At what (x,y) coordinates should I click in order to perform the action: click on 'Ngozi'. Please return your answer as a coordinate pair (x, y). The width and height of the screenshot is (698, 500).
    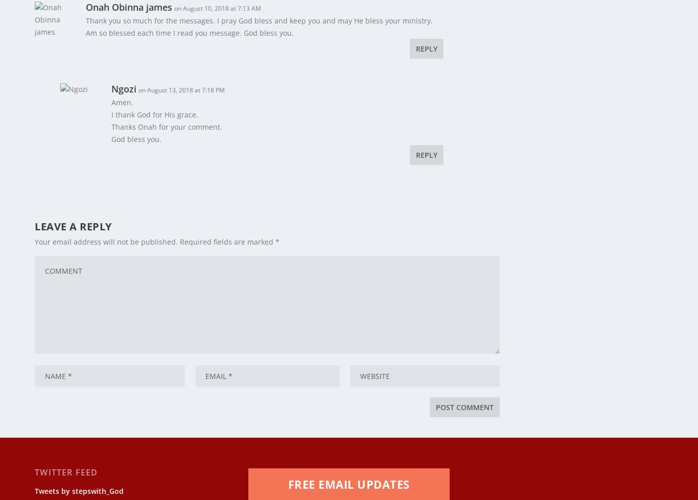
    Looking at the image, I should click on (124, 82).